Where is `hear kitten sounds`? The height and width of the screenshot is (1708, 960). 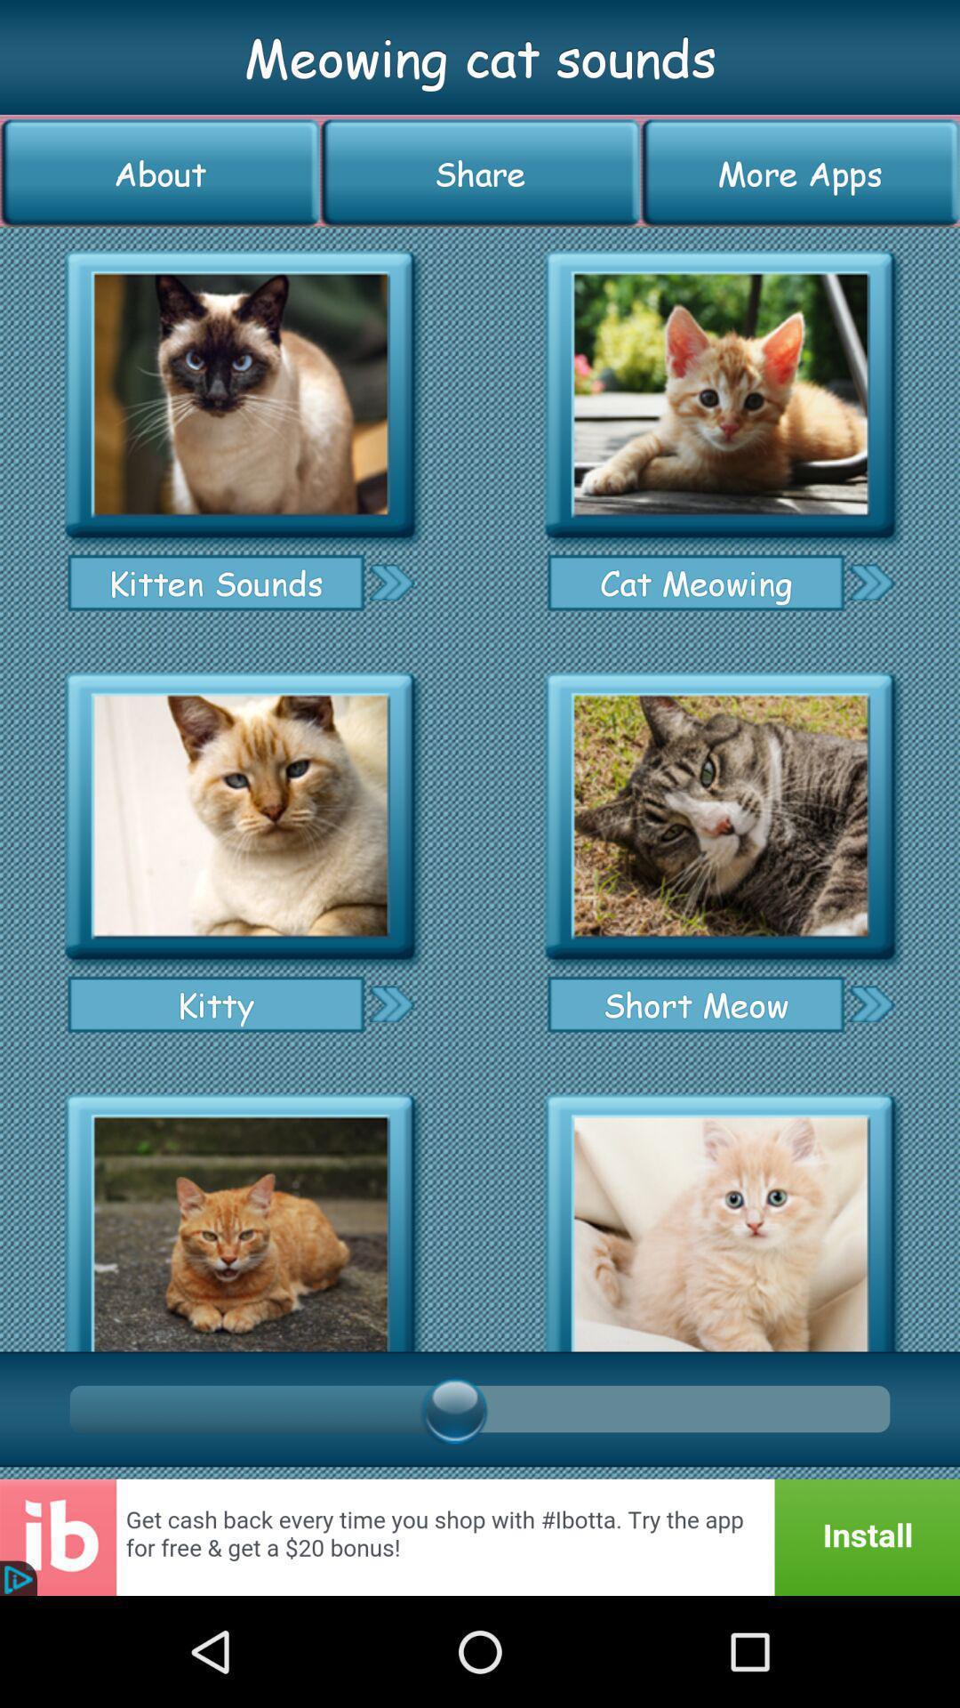
hear kitten sounds is located at coordinates (240, 394).